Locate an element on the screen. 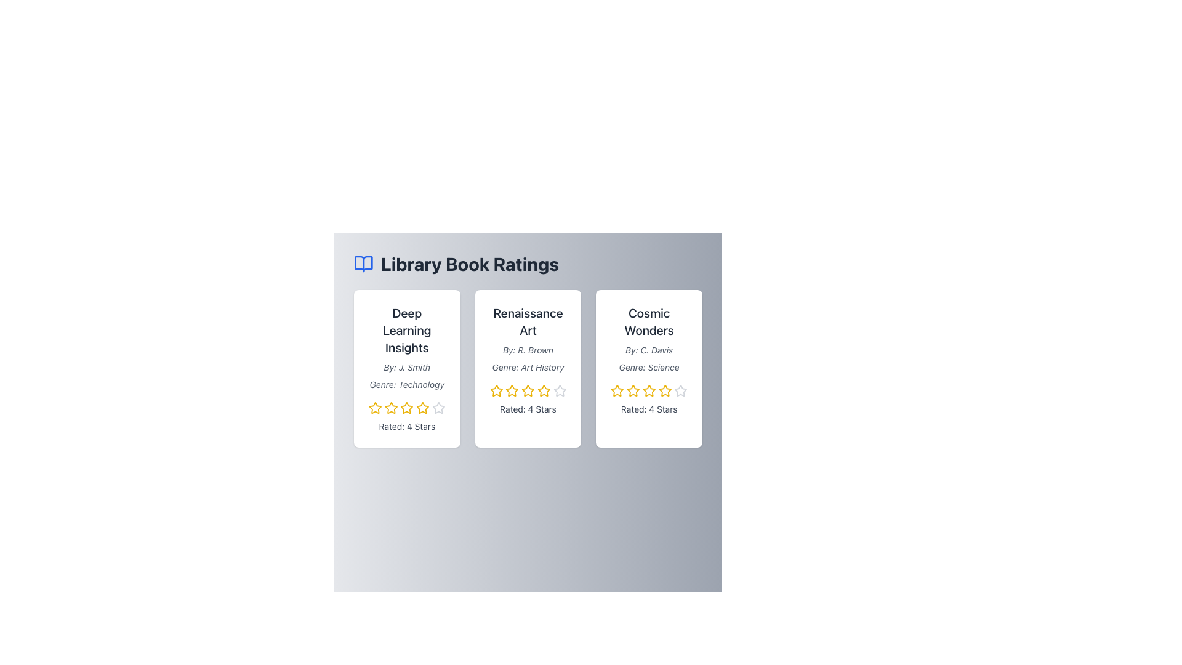 Image resolution: width=1182 pixels, height=665 pixels. the second star icon in the rating line for the book 'Cosmic Wonders' to activate its hover state is located at coordinates (617, 390).